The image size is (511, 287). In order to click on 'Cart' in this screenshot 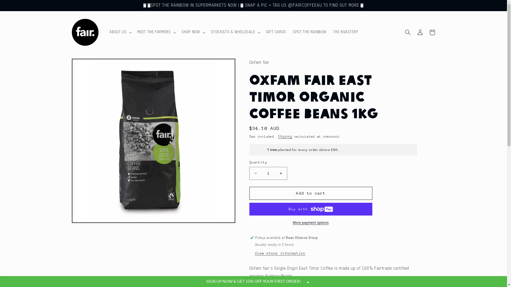, I will do `click(432, 32)`.